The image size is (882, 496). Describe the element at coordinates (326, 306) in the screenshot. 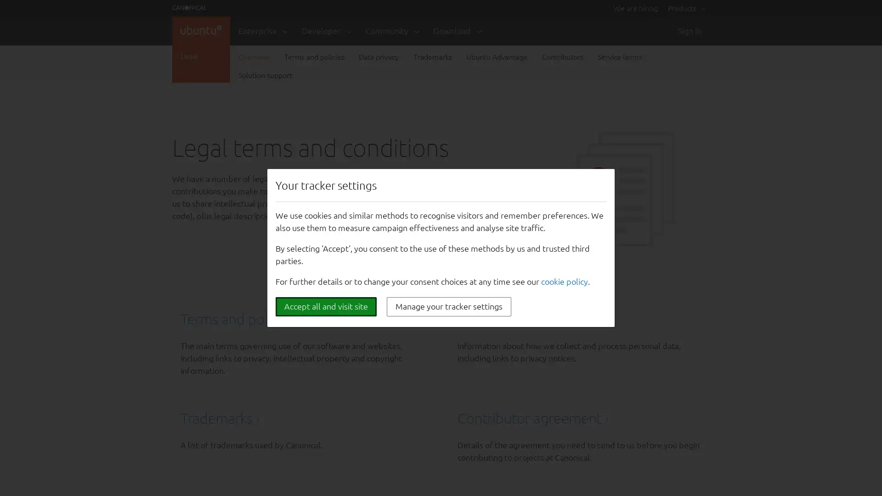

I see `Accept all and visit site` at that location.